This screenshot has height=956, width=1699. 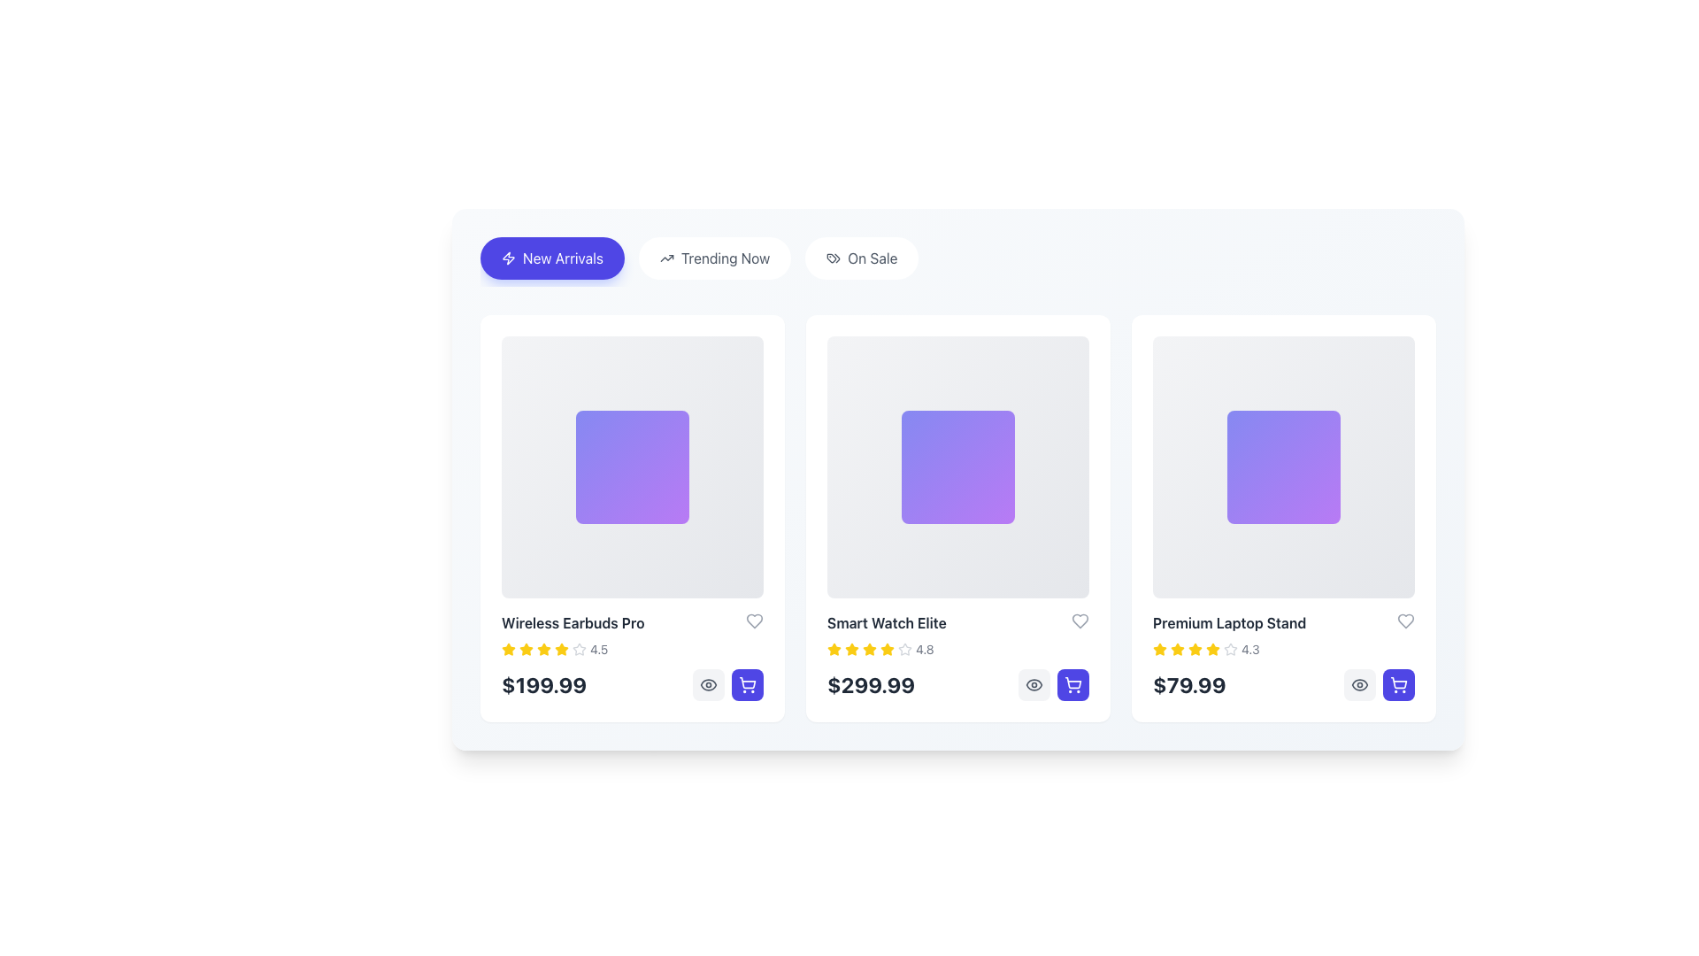 I want to click on the text label displaying the average user rating for the 'Wireless Earbuds Pro', which is positioned to the right of the star rating representation, so click(x=599, y=649).